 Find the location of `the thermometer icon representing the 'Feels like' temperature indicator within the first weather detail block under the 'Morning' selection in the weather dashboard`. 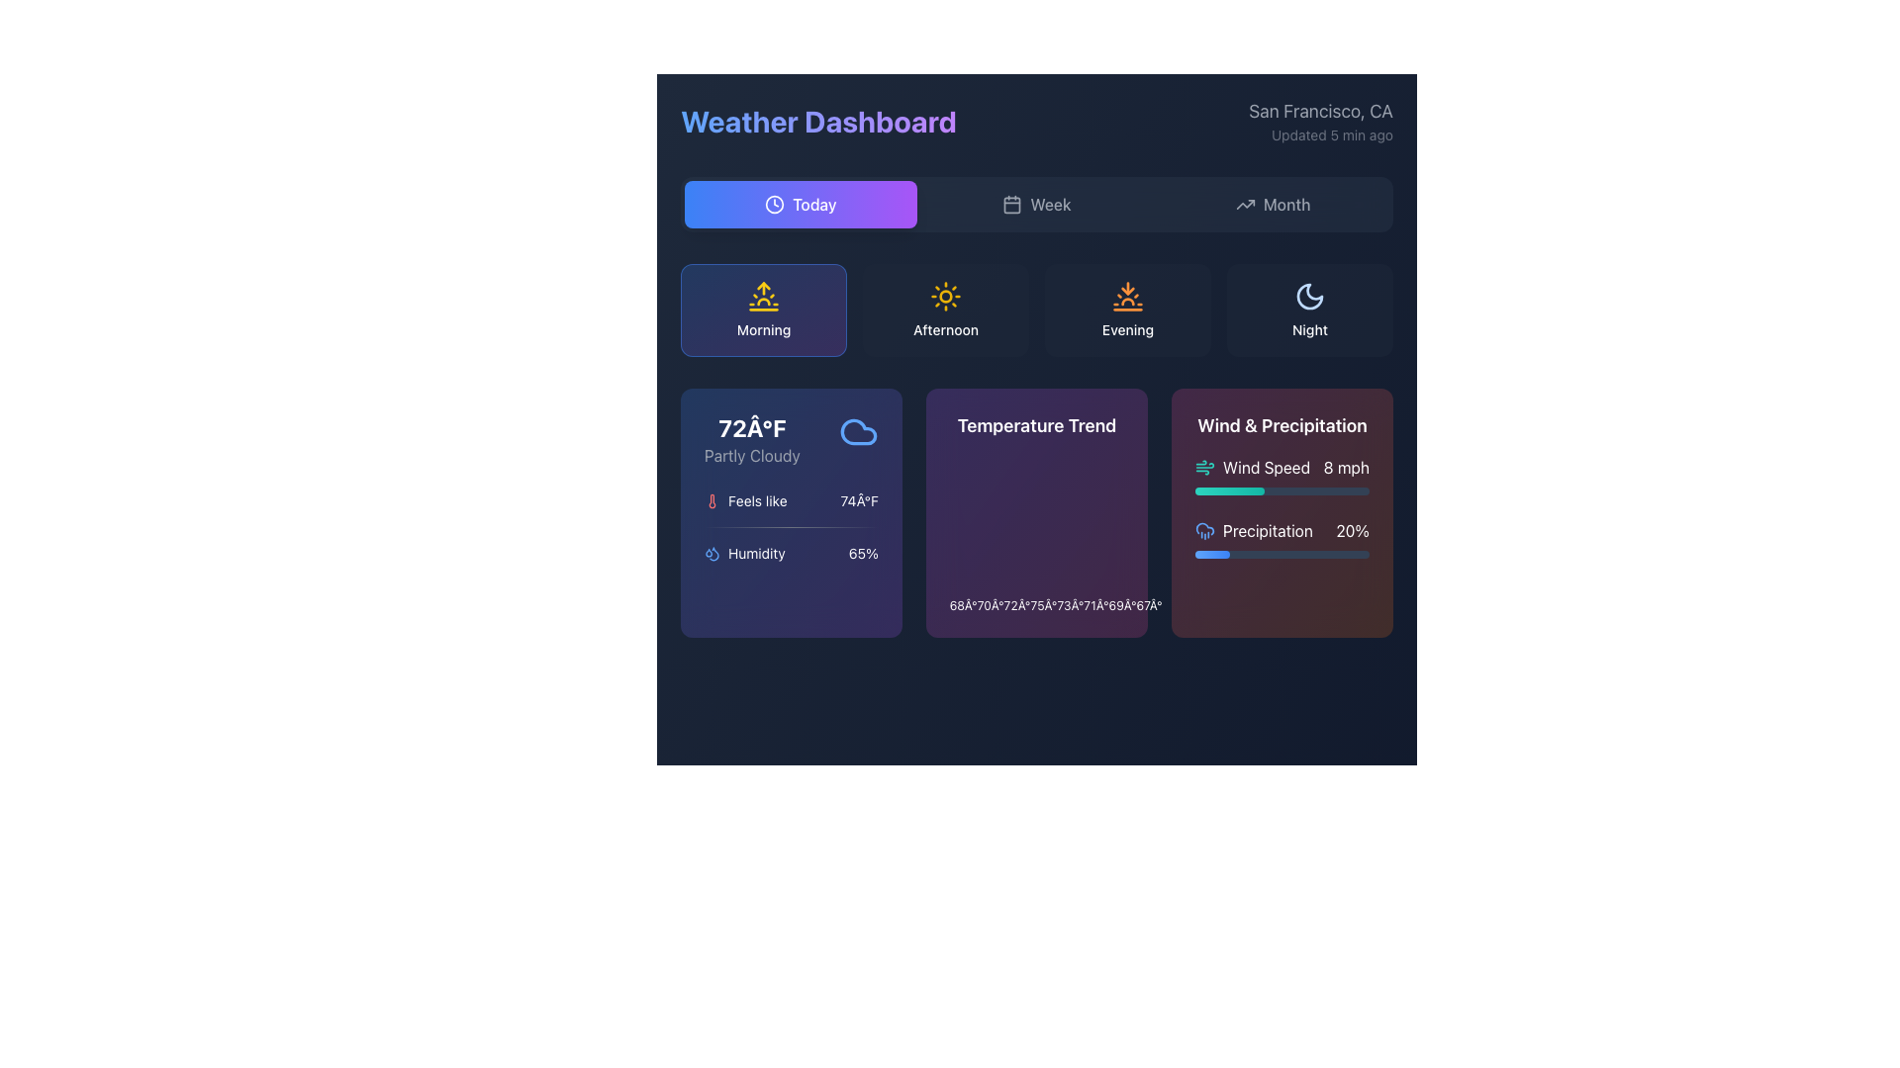

the thermometer icon representing the 'Feels like' temperature indicator within the first weather detail block under the 'Morning' selection in the weather dashboard is located at coordinates (712, 499).